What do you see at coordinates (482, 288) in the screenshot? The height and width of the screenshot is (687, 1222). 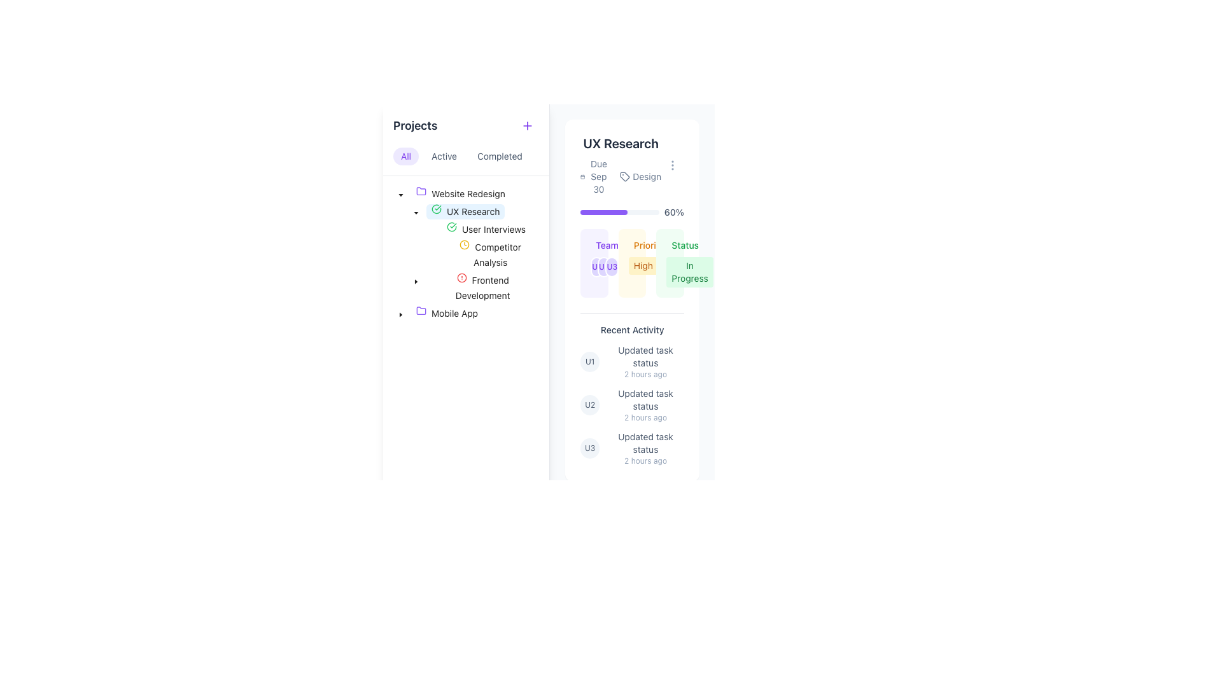 I see `the 'Frontend Development' tree node label` at bounding box center [482, 288].